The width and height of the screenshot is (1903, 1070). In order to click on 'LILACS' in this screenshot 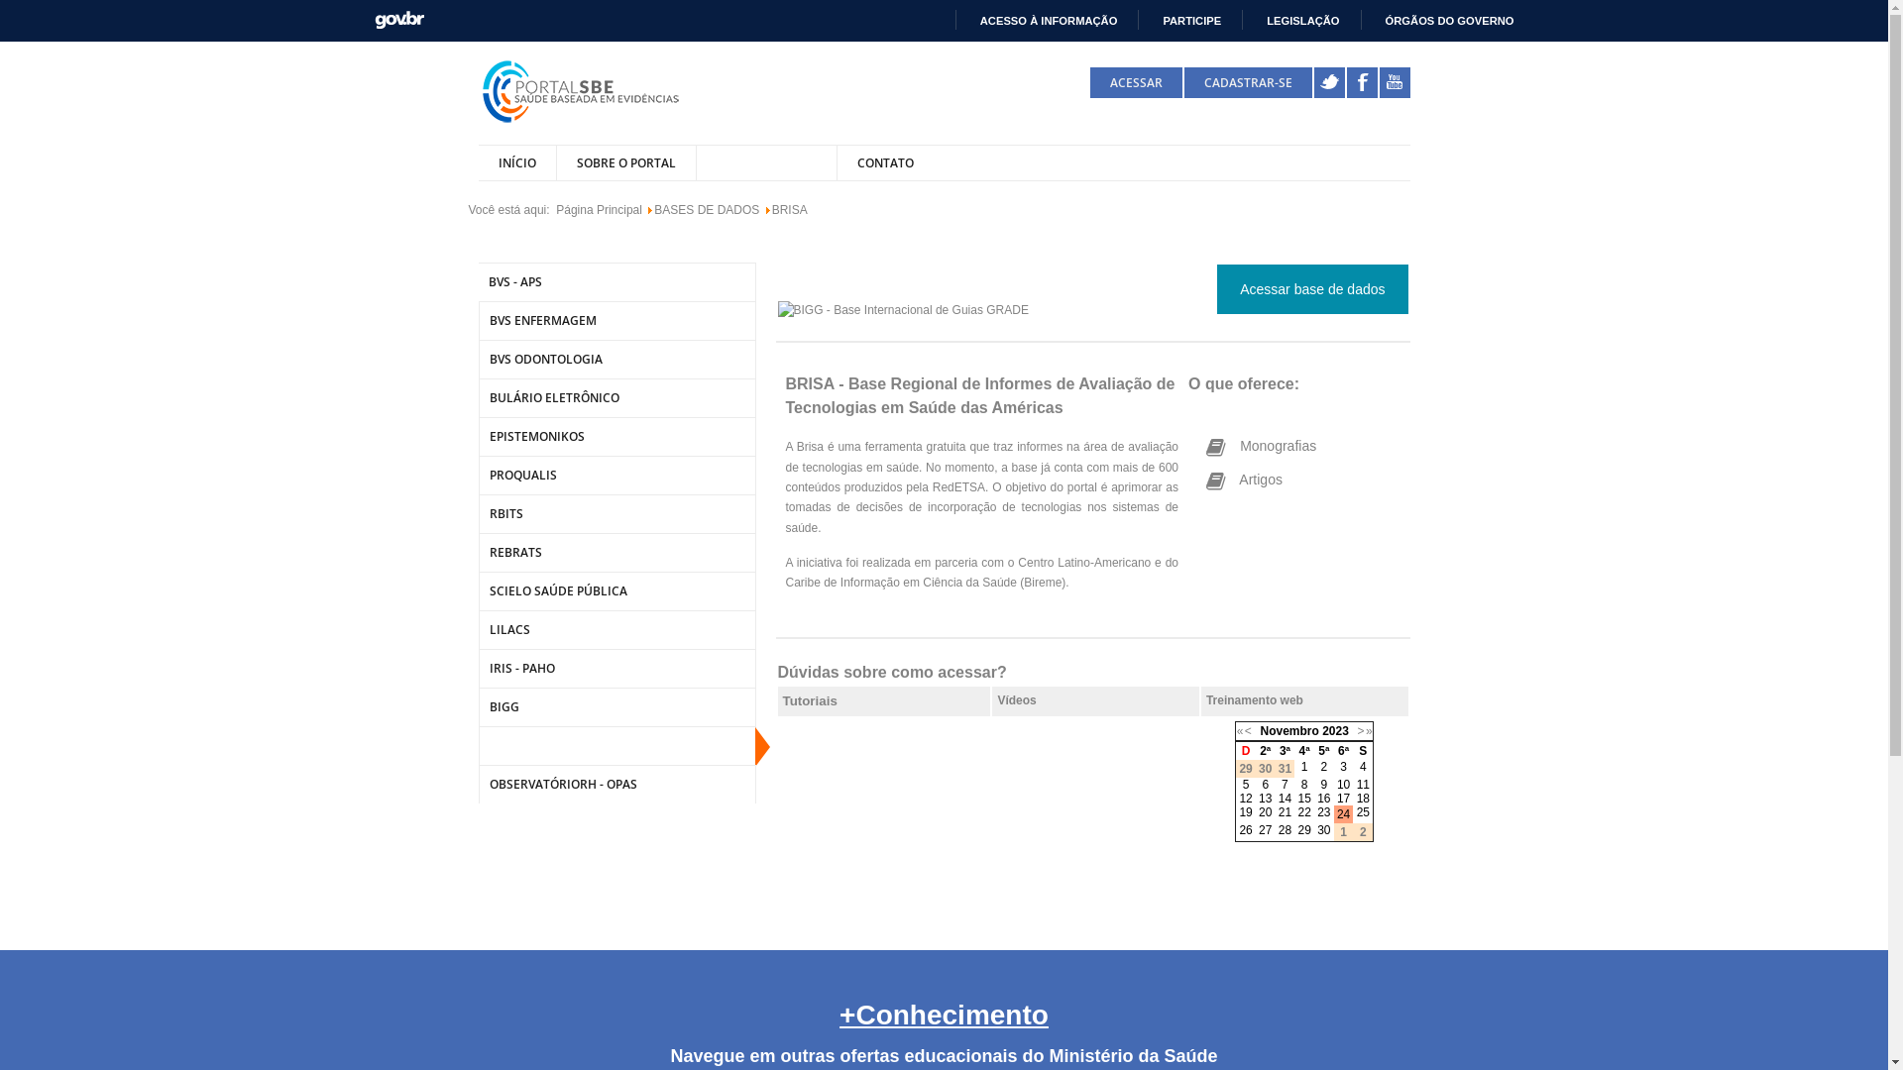, I will do `click(616, 629)`.